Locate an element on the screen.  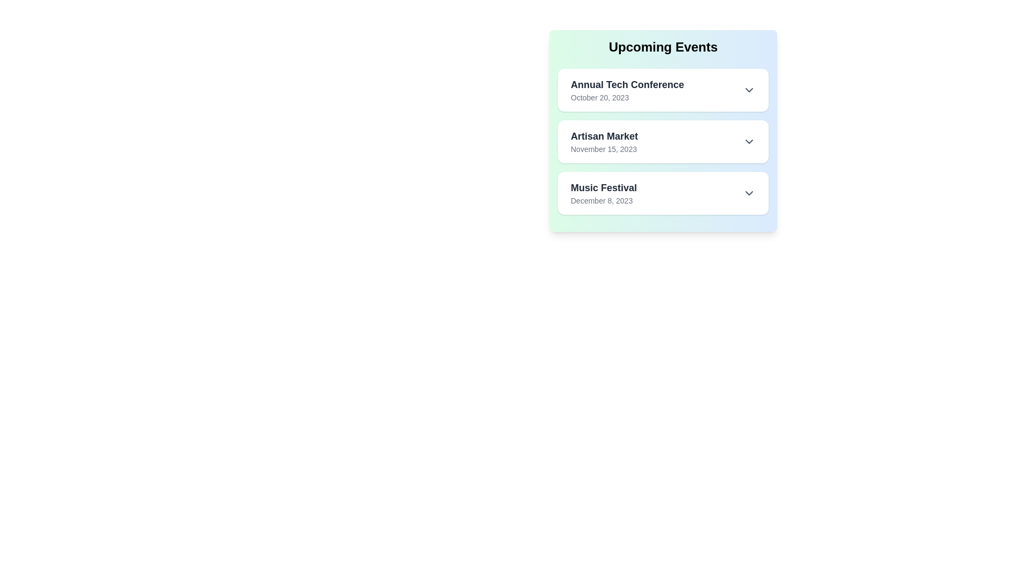
the text label displaying the date 'December 8, 2023' that is positioned under the title 'Music Festival' in the event card is located at coordinates (604, 201).